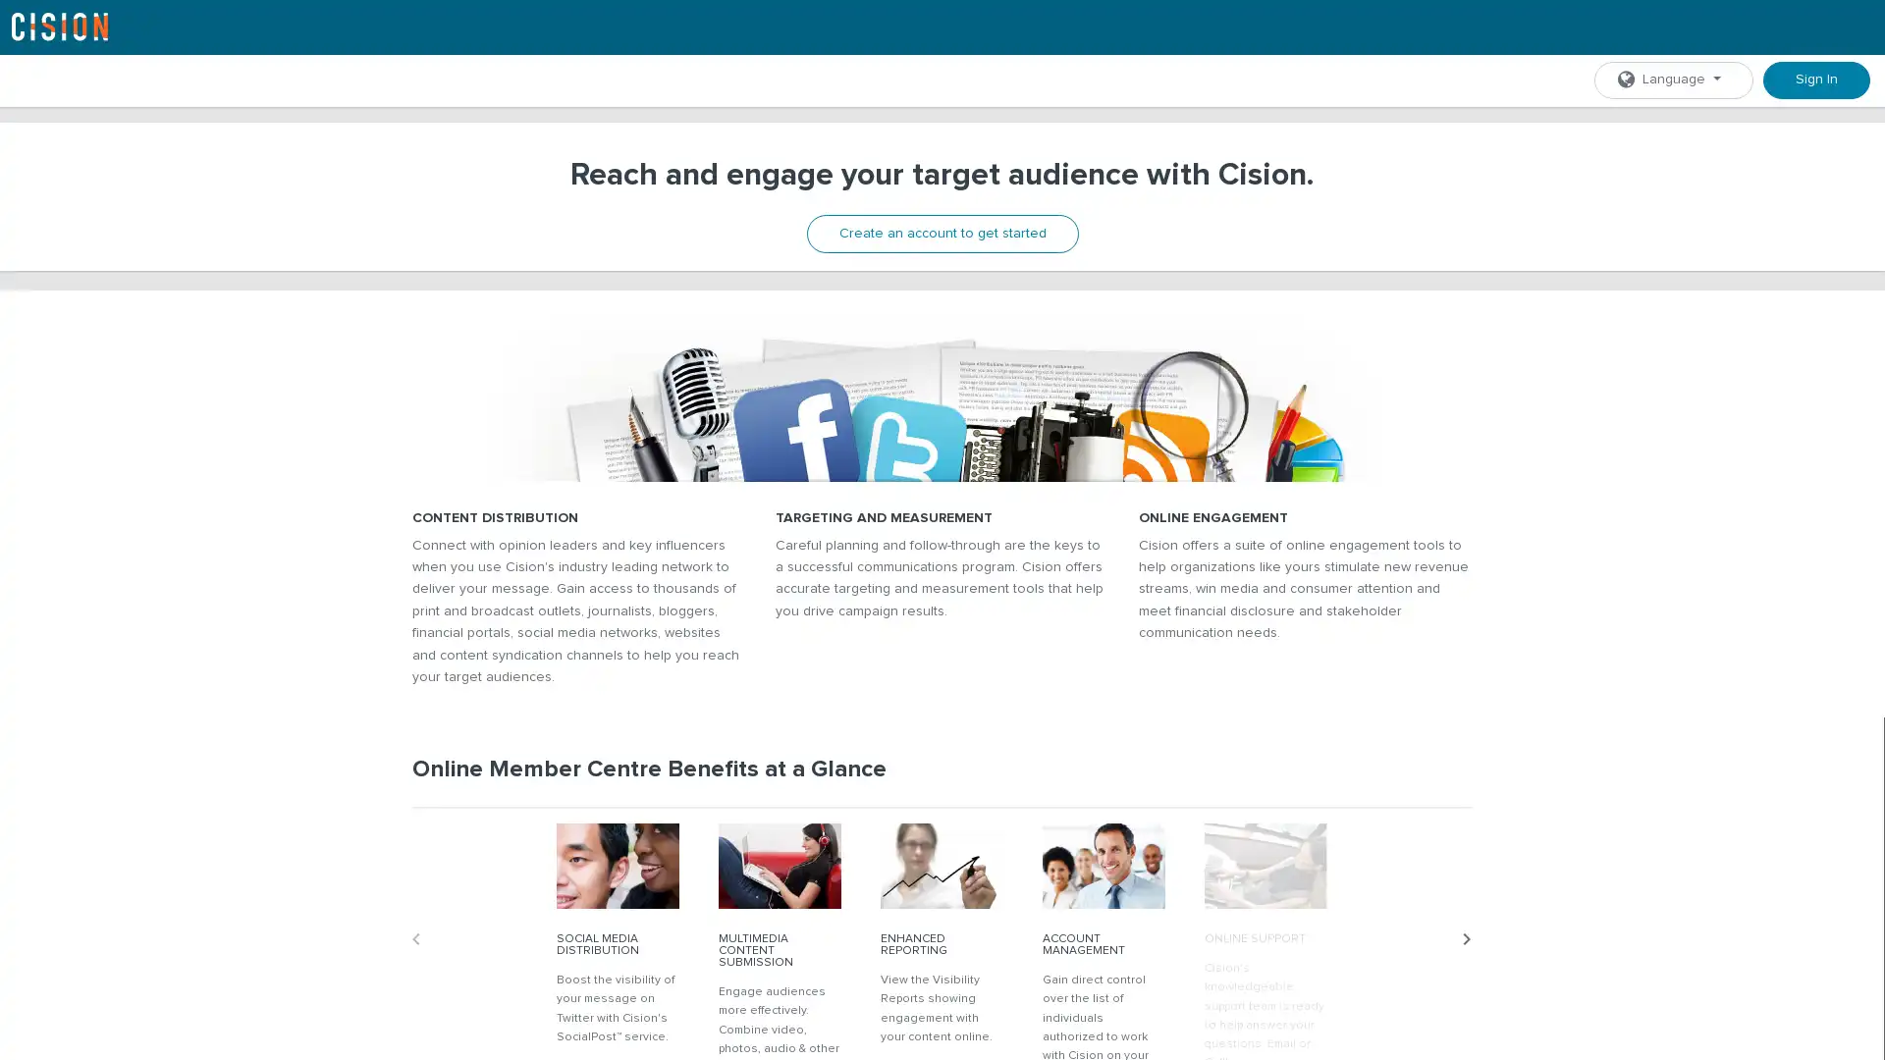  Describe the element at coordinates (419, 965) in the screenshot. I see `Previous` at that location.